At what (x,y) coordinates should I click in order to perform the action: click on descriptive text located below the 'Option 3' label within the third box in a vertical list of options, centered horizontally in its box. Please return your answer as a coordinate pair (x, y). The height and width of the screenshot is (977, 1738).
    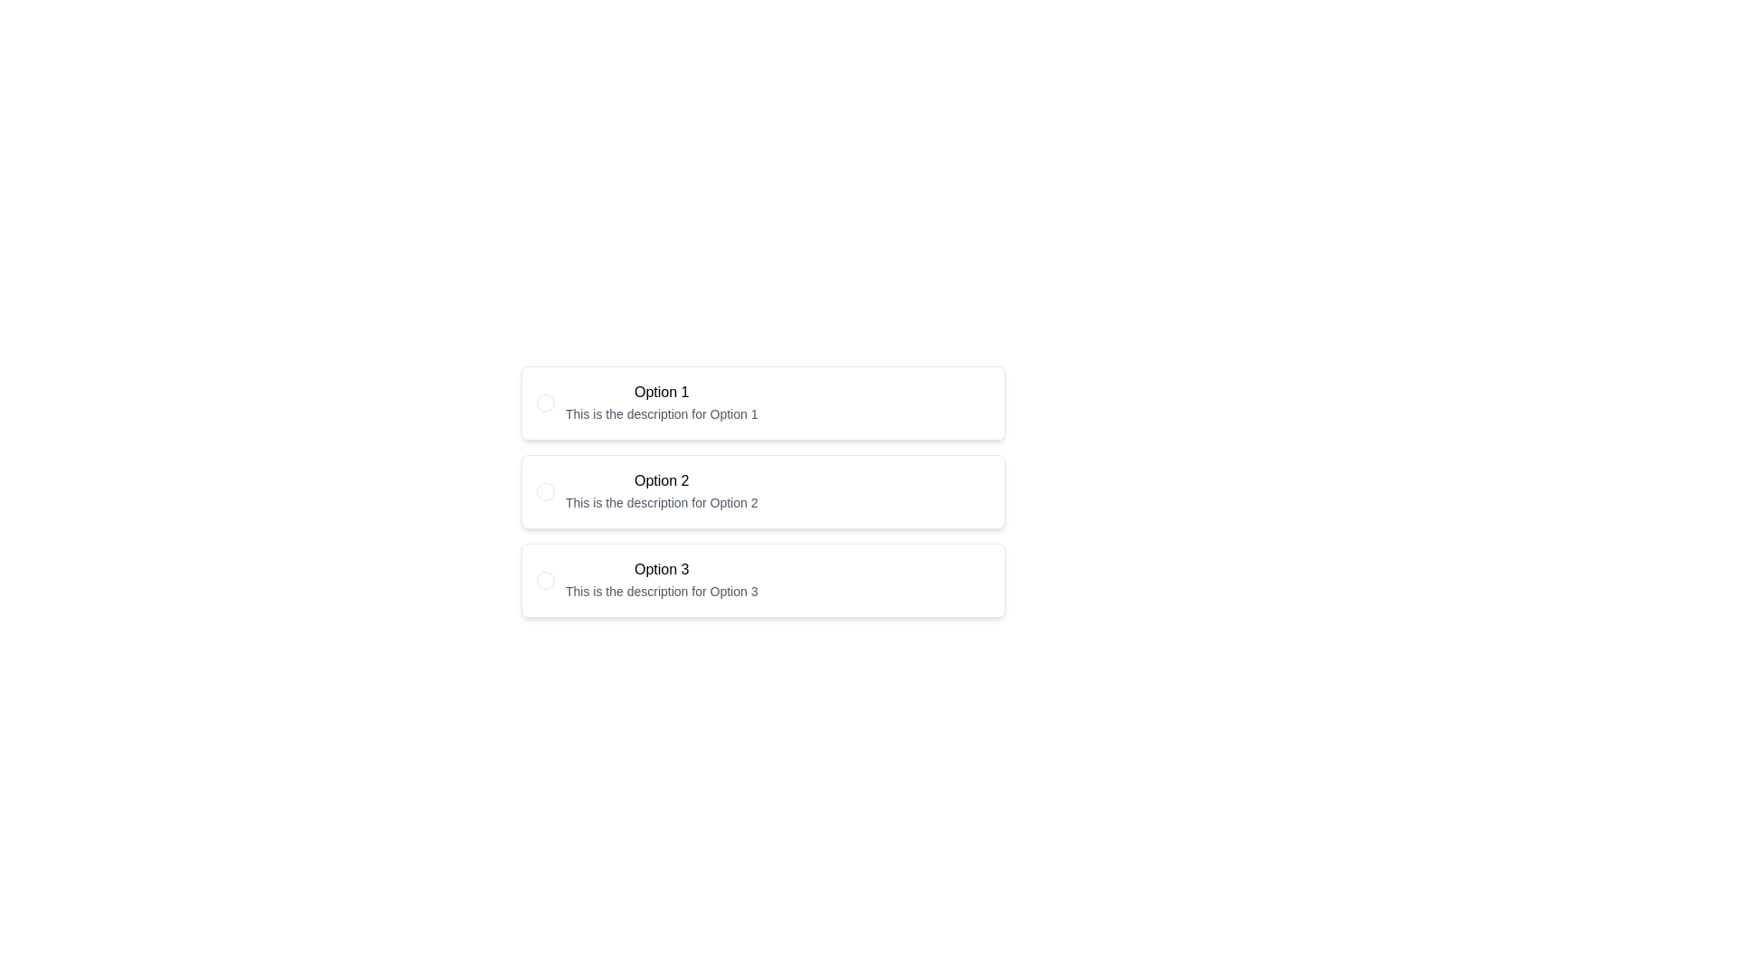
    Looking at the image, I should click on (661, 592).